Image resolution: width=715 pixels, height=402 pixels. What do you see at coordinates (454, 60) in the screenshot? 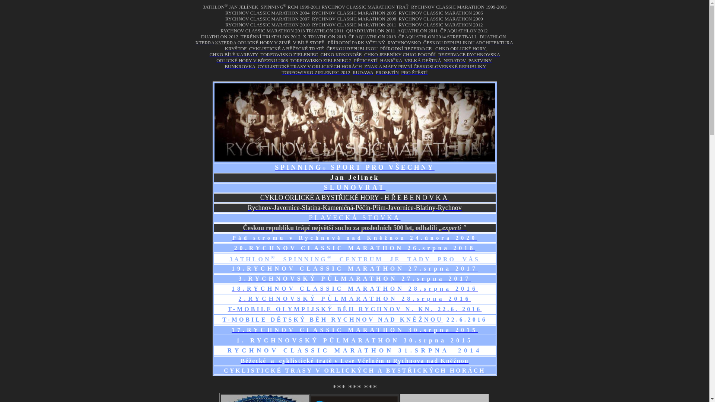
I see `'NERATOV'` at bounding box center [454, 60].